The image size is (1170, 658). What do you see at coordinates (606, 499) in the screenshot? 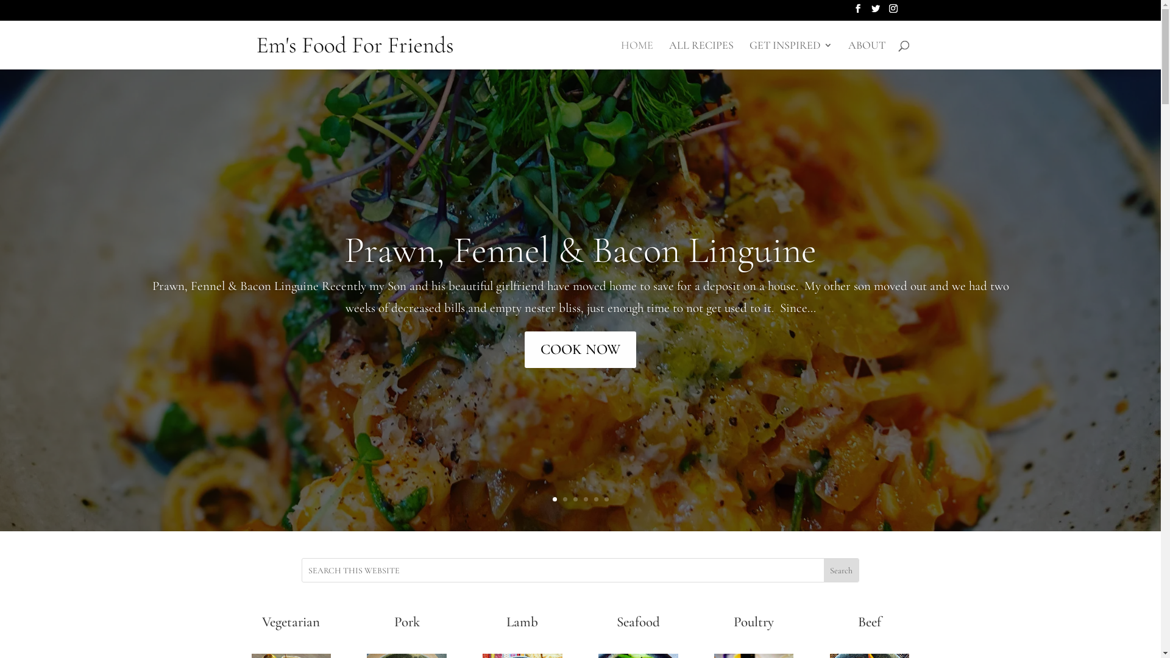
I see `'6'` at bounding box center [606, 499].